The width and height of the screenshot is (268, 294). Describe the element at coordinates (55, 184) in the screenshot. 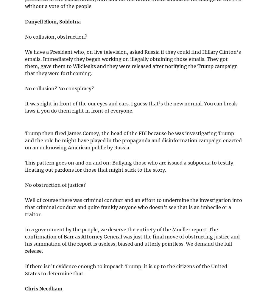

I see `'No obstruction of justice?'` at that location.